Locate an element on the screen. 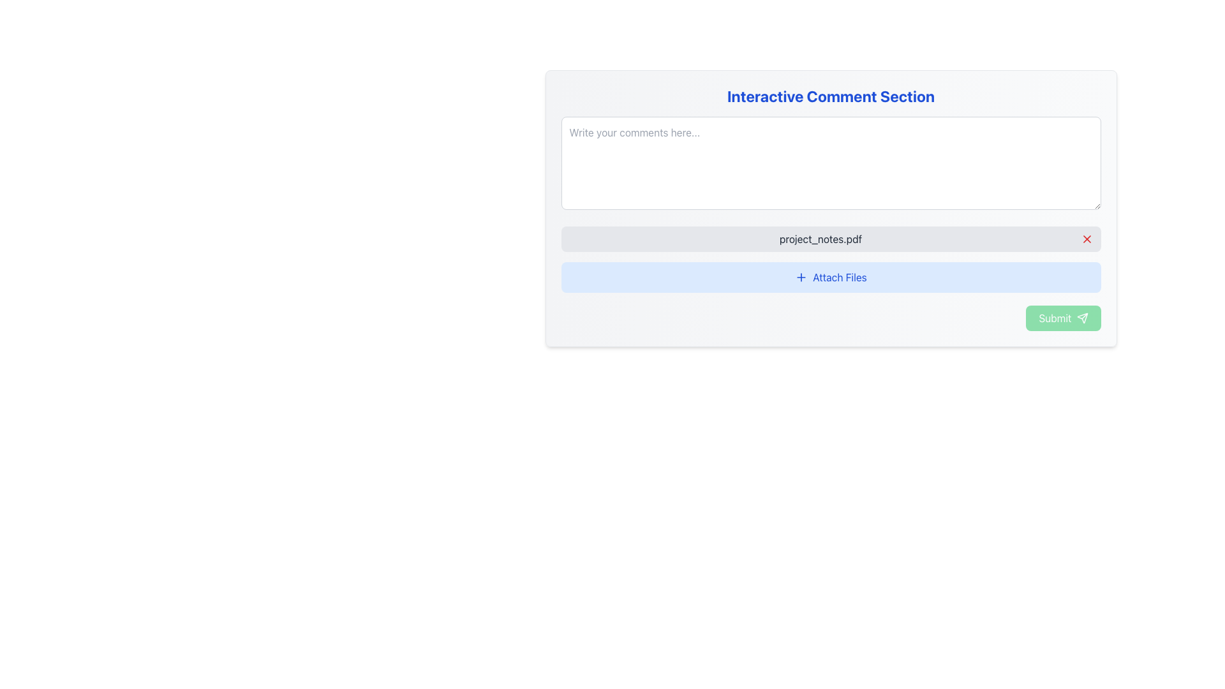  the close or delete icon adjacent to the file name 'project_notes.pdf' is located at coordinates (1086, 239).